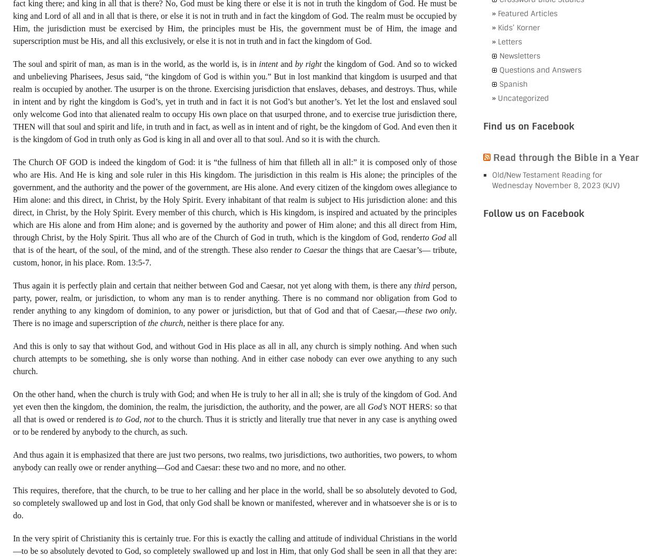  I want to click on 'NOT HERS: so that all that is owed or rendered is', so click(234, 412).